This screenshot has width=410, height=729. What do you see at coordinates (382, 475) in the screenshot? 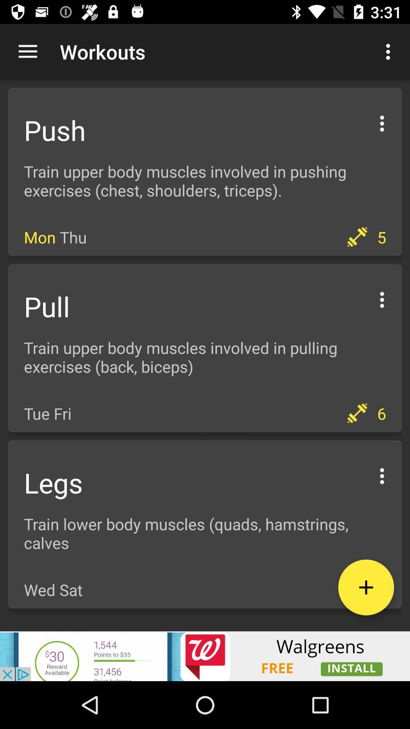
I see `more options` at bounding box center [382, 475].